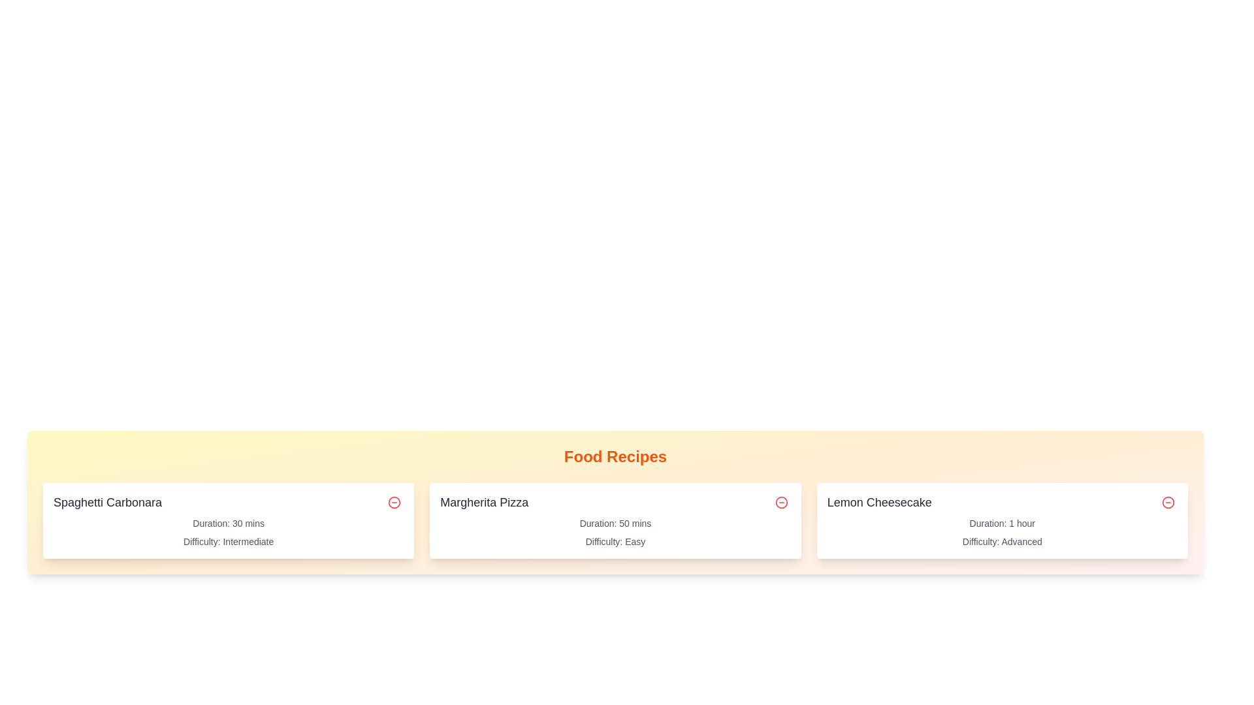  I want to click on the text label displaying 'Difficulty: Advanced' located at the bottom-right of the 'Lemon Cheesecake' recipe card, so click(1001, 541).